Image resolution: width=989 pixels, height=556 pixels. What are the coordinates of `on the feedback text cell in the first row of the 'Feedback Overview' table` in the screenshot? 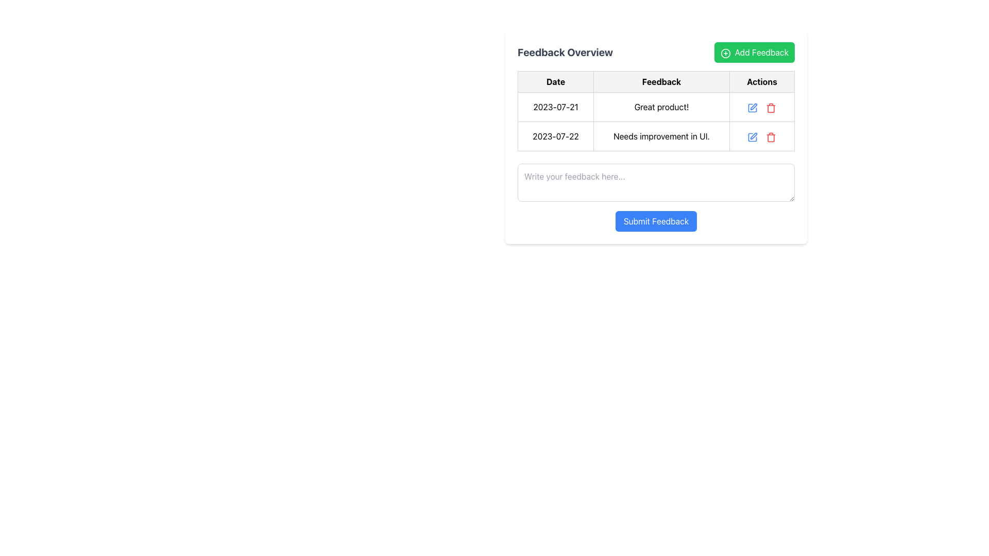 It's located at (655, 107).